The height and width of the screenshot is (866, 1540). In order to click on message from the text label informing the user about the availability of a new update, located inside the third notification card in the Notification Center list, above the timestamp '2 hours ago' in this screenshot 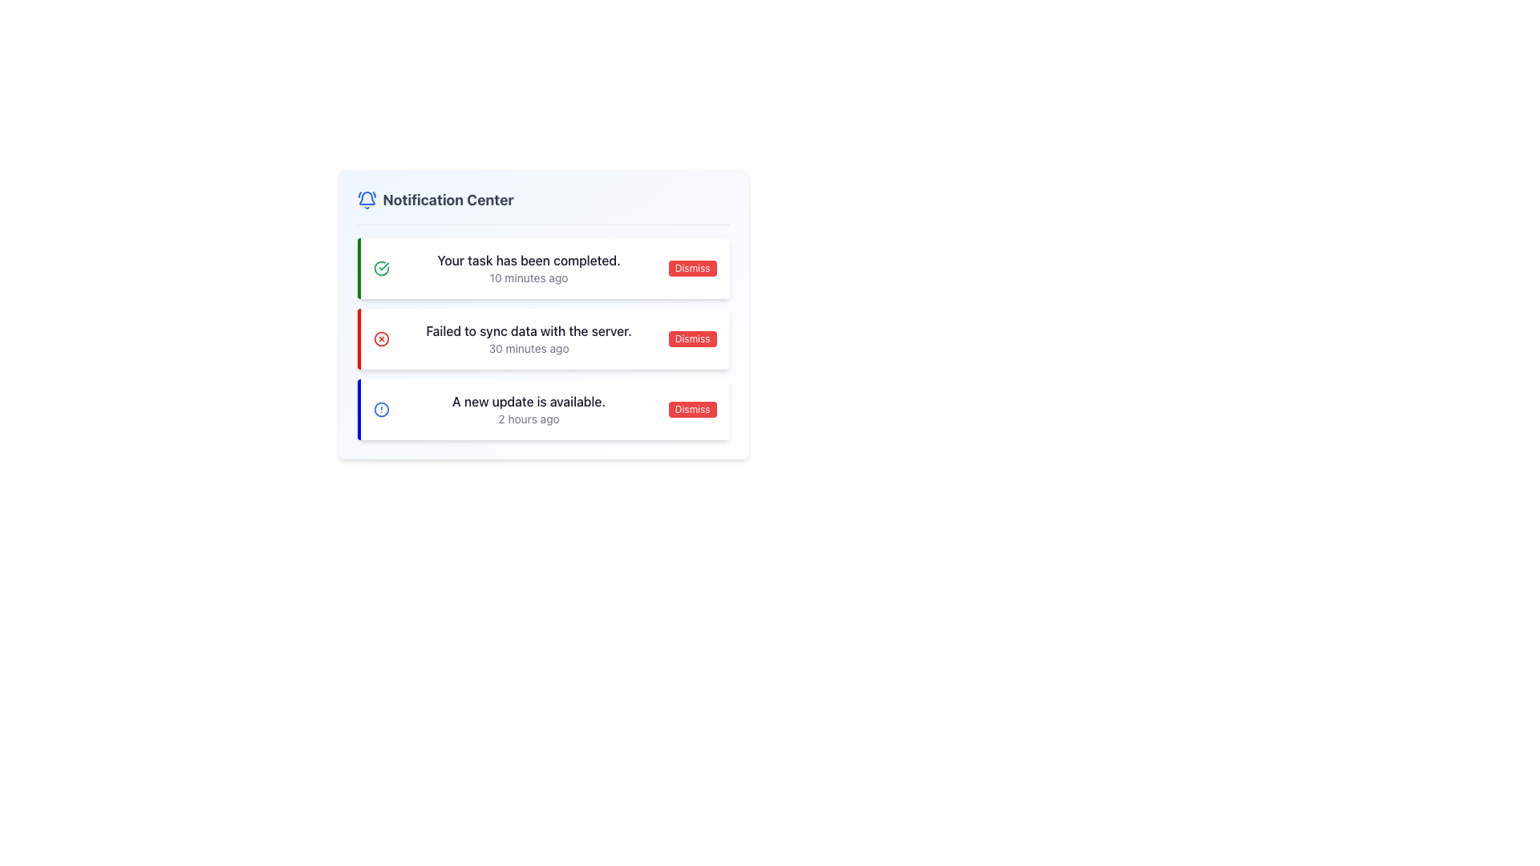, I will do `click(529, 401)`.